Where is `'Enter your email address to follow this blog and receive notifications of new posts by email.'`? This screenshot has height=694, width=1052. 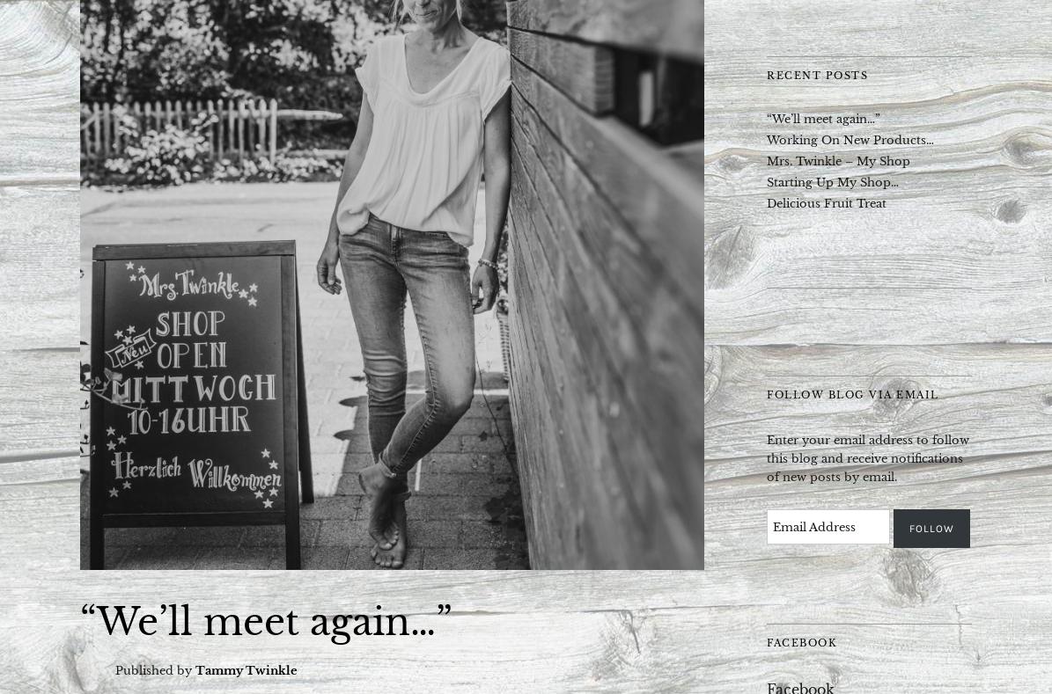 'Enter your email address to follow this blog and receive notifications of new posts by email.' is located at coordinates (867, 457).